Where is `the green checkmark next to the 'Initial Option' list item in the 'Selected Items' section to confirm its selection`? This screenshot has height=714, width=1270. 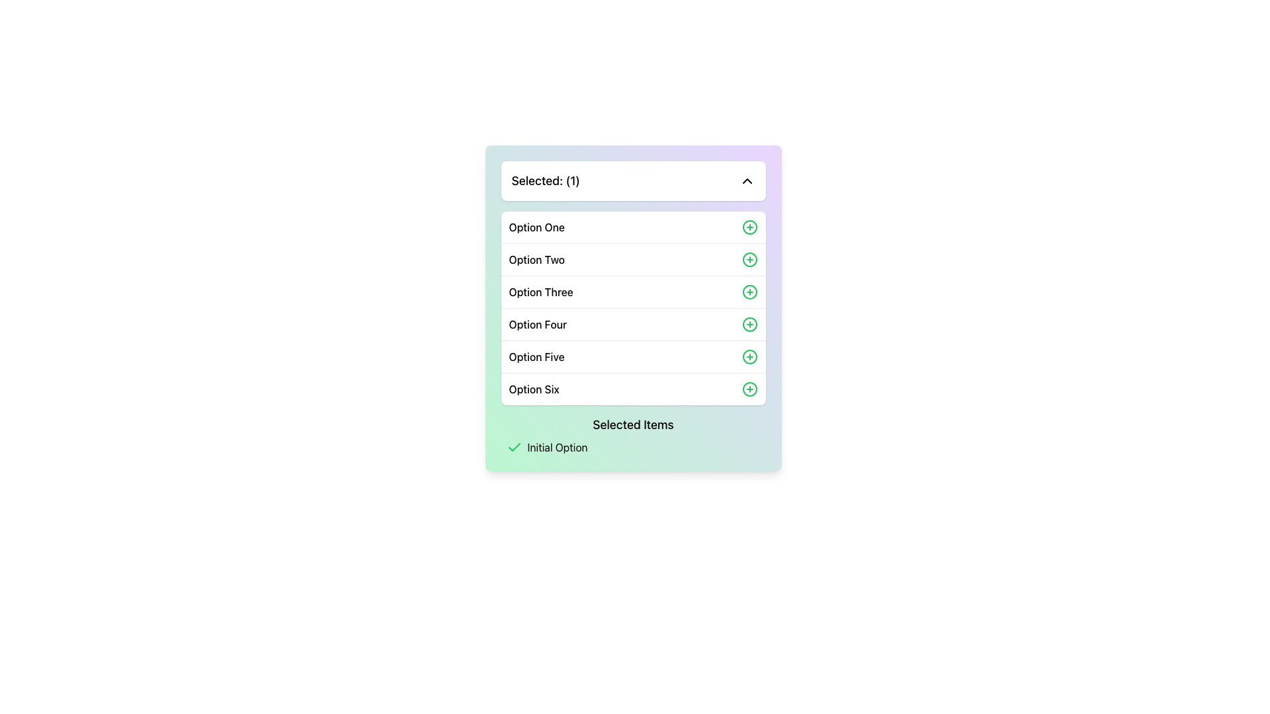 the green checkmark next to the 'Initial Option' list item in the 'Selected Items' section to confirm its selection is located at coordinates (632, 447).